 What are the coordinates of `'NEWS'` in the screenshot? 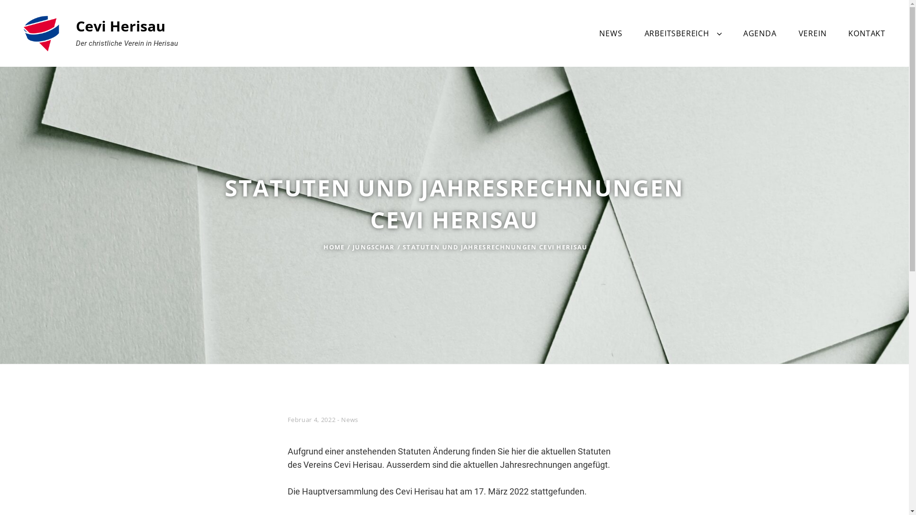 It's located at (611, 32).